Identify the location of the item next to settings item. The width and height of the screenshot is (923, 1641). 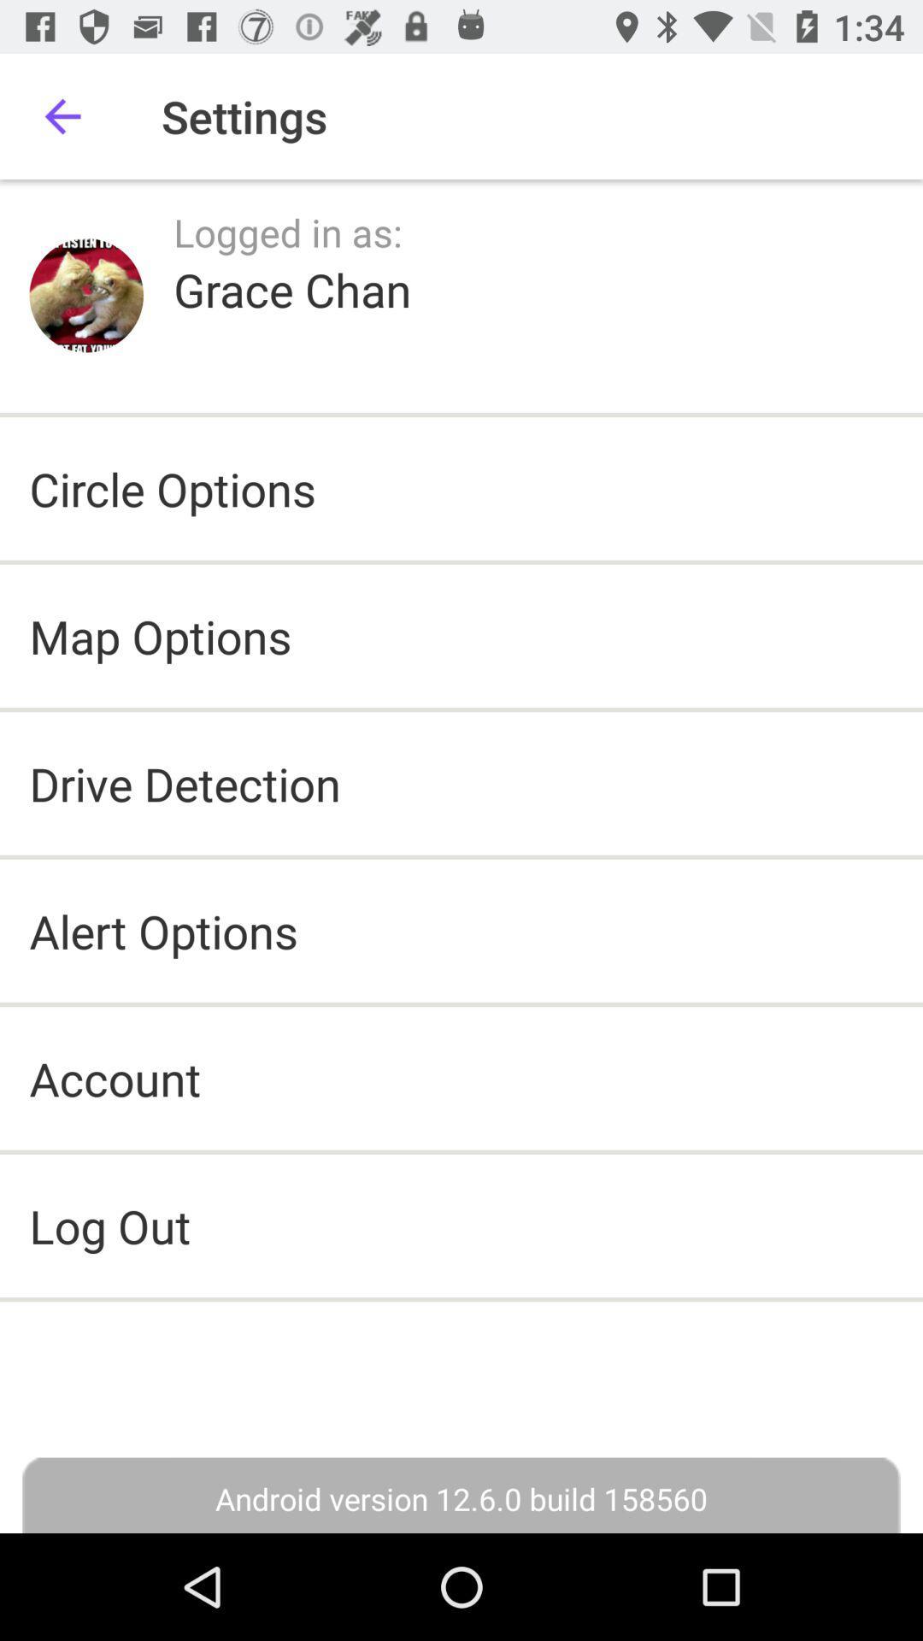
(62, 115).